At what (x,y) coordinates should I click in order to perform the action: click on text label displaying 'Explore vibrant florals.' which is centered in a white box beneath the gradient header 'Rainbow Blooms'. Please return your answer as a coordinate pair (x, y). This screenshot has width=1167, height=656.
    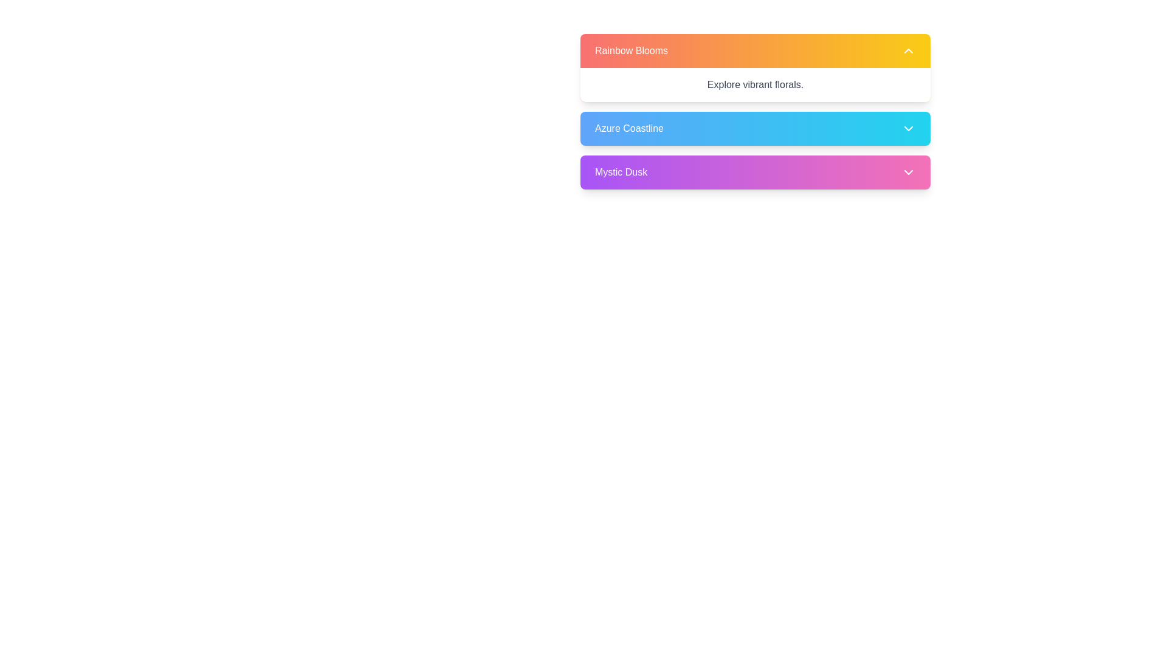
    Looking at the image, I should click on (755, 84).